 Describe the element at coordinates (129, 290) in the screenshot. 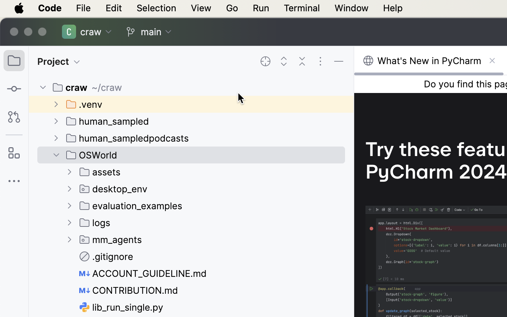

I see `'CONTRIBUTION.md'` at that location.